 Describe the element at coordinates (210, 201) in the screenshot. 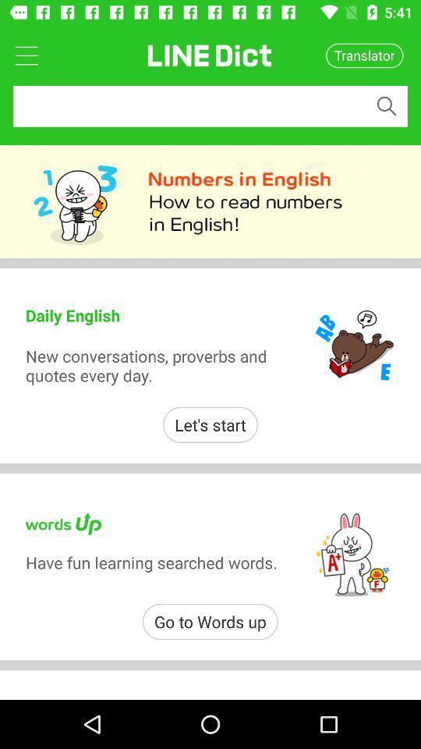

I see `213 numbers in english how to read numbers in engligh` at that location.